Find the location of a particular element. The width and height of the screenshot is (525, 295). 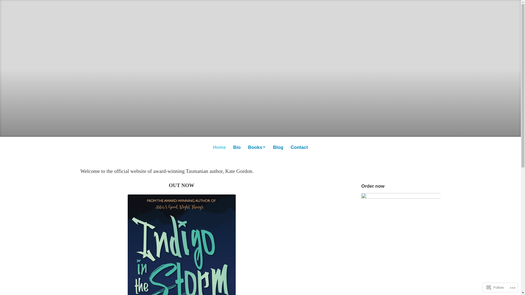

'Books' is located at coordinates (256, 147).